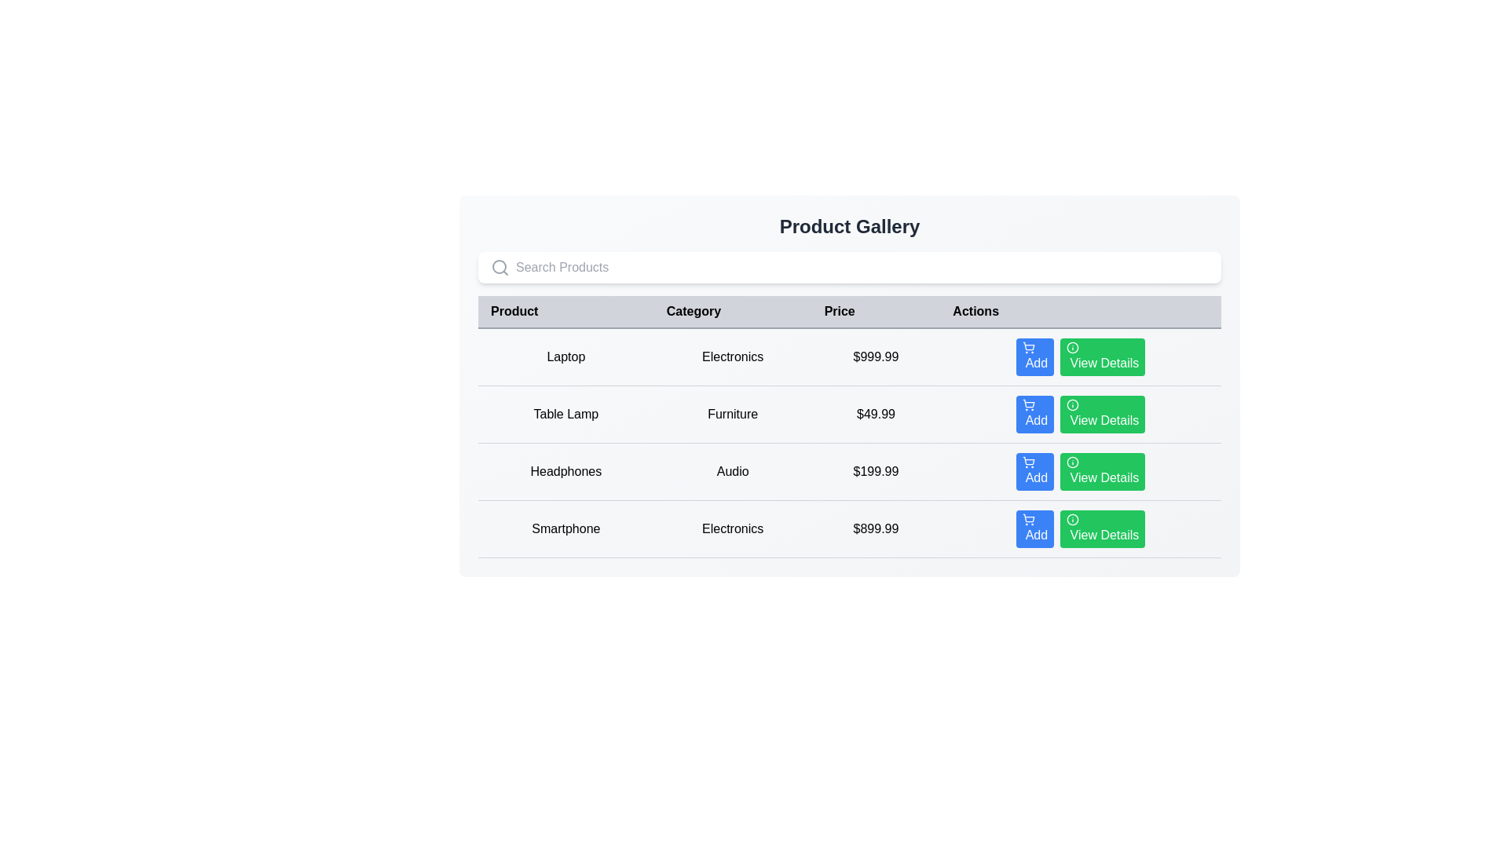 The width and height of the screenshot is (1508, 848). I want to click on the text field displaying 'Electronics', which is centrally aligned in the second column under the 'Category' header in the first row of the table, so click(732, 356).